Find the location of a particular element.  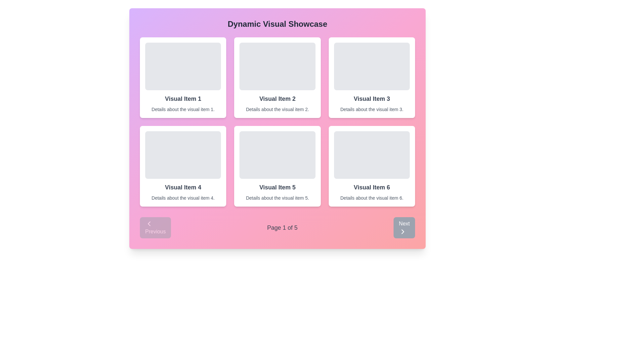

the descriptive text label located in the bottom section of the card labeled 'Visual Item 5', which is centrally aligned and positioned below the title is located at coordinates (277, 197).